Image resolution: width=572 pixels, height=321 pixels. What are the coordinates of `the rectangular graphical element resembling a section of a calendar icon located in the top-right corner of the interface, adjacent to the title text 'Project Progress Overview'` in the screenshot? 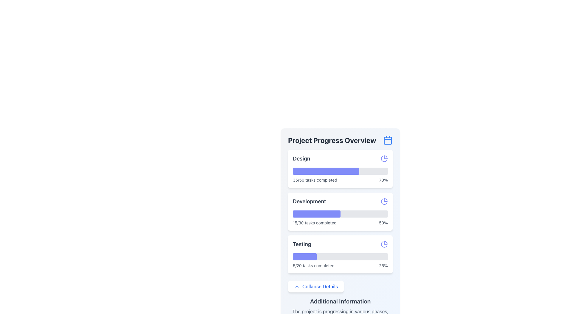 It's located at (388, 141).